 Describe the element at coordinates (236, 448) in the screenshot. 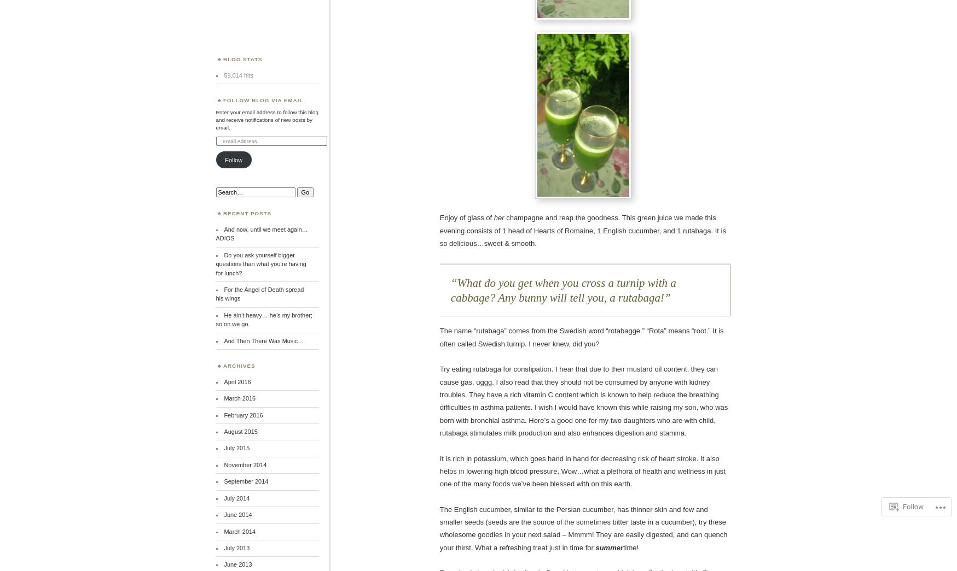

I see `'July 2015'` at that location.